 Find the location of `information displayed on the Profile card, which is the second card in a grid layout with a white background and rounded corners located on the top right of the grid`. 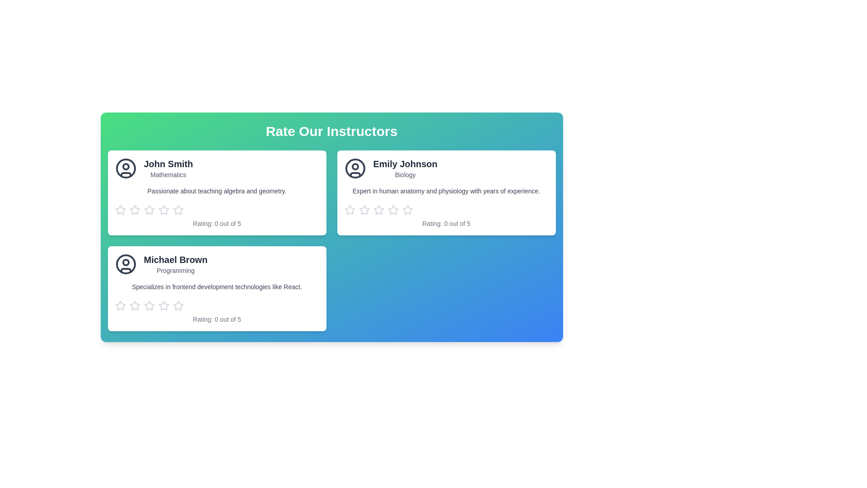

information displayed on the Profile card, which is the second card in a grid layout with a white background and rounded corners located on the top right of the grid is located at coordinates (446, 192).